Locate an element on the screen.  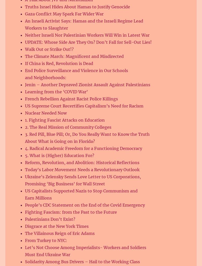
'Truths Israel Hides About Hamas to Justify Genocide' is located at coordinates (77, 7).